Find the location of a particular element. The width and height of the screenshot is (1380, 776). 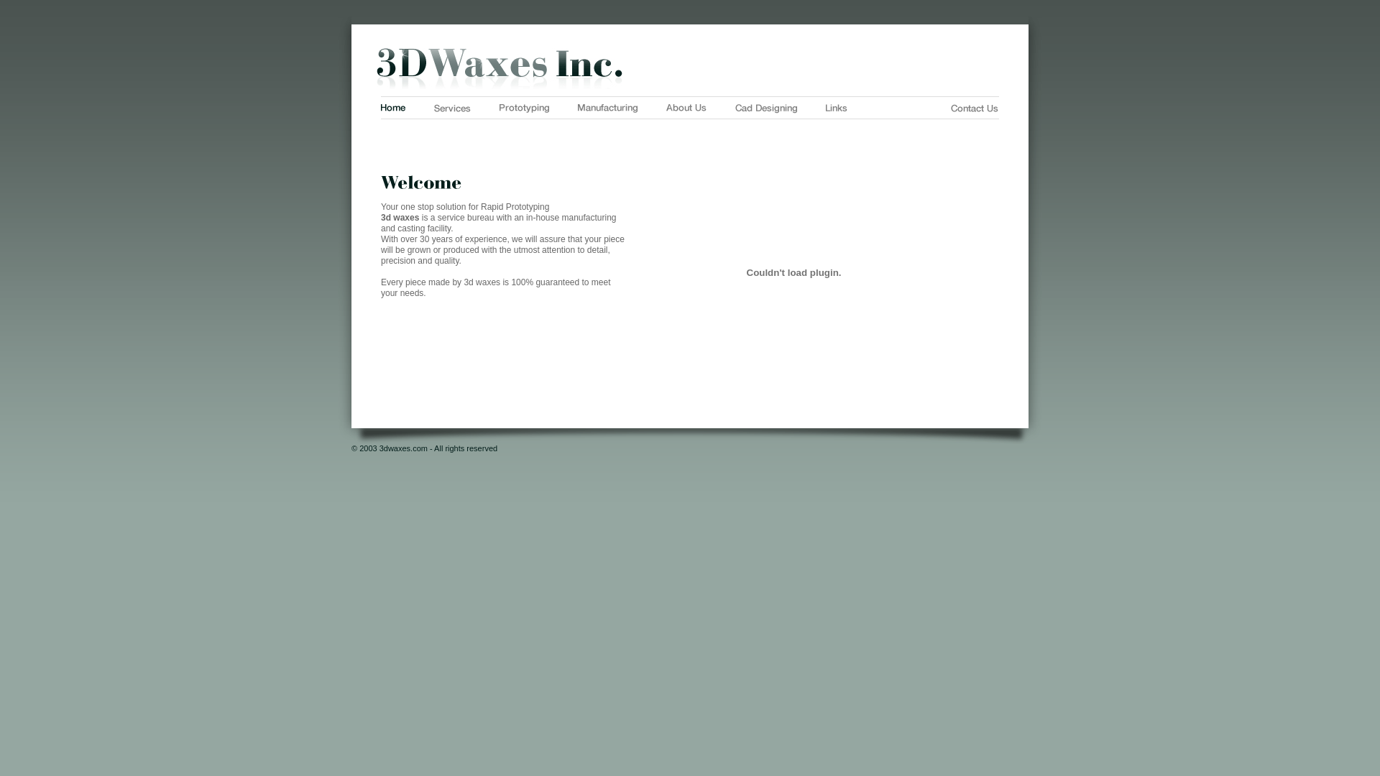

'Links' is located at coordinates (836, 107).